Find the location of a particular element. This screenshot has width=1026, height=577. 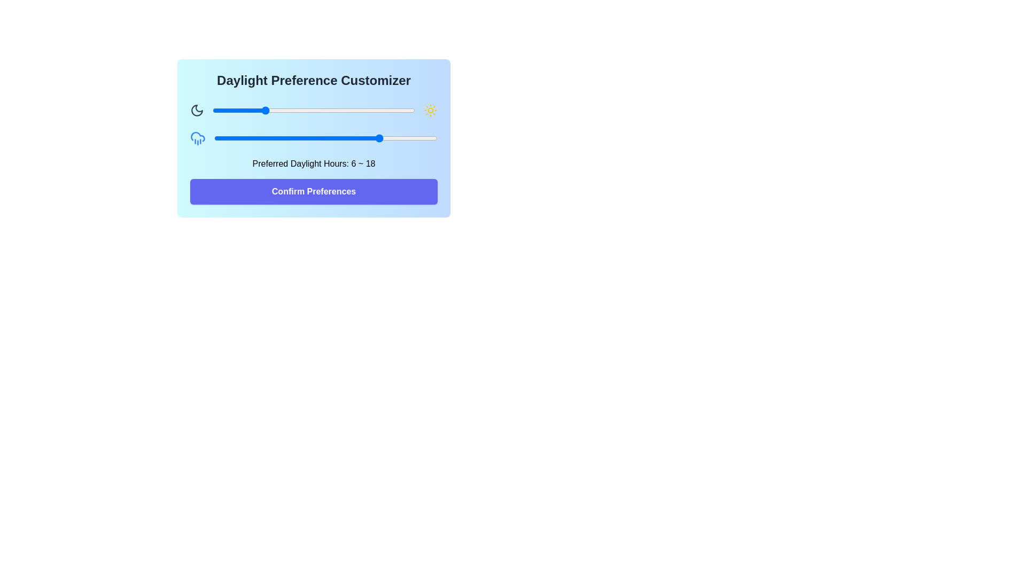

the crescent moon icon located in the upper left region of the daylight preference customizer interface, which serves as a toggle for night-related settings is located at coordinates (197, 111).